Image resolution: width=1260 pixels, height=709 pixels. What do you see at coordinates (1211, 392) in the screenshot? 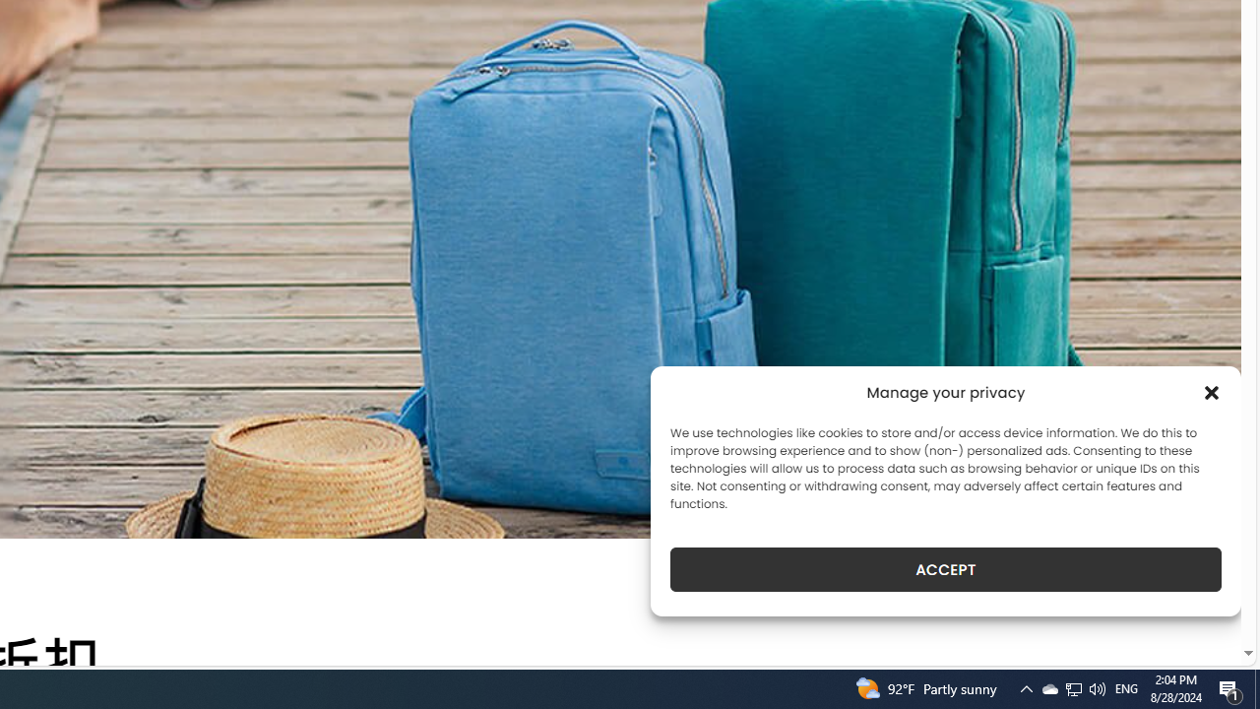
I see `'Class: cmplz-close'` at bounding box center [1211, 392].